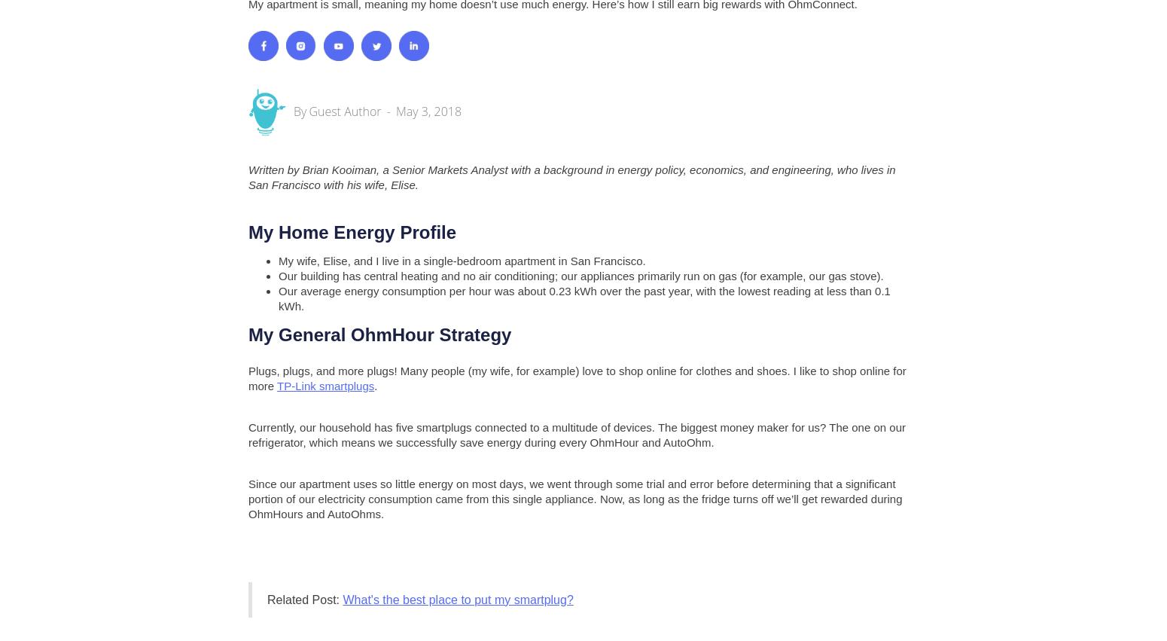  What do you see at coordinates (583, 297) in the screenshot?
I see `'Our average energy consumption per hour was about 0.23 kWh over the past year, with the lowest reading at less than 0.1 kWh.'` at bounding box center [583, 297].